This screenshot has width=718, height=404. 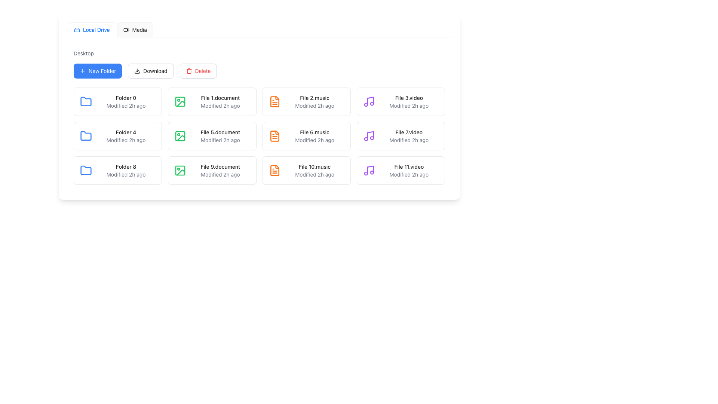 What do you see at coordinates (220, 174) in the screenshot?
I see `small gray text label that says 'Modified 2h ago', located beneath the text 'File 9.document' in the grid layout` at bounding box center [220, 174].